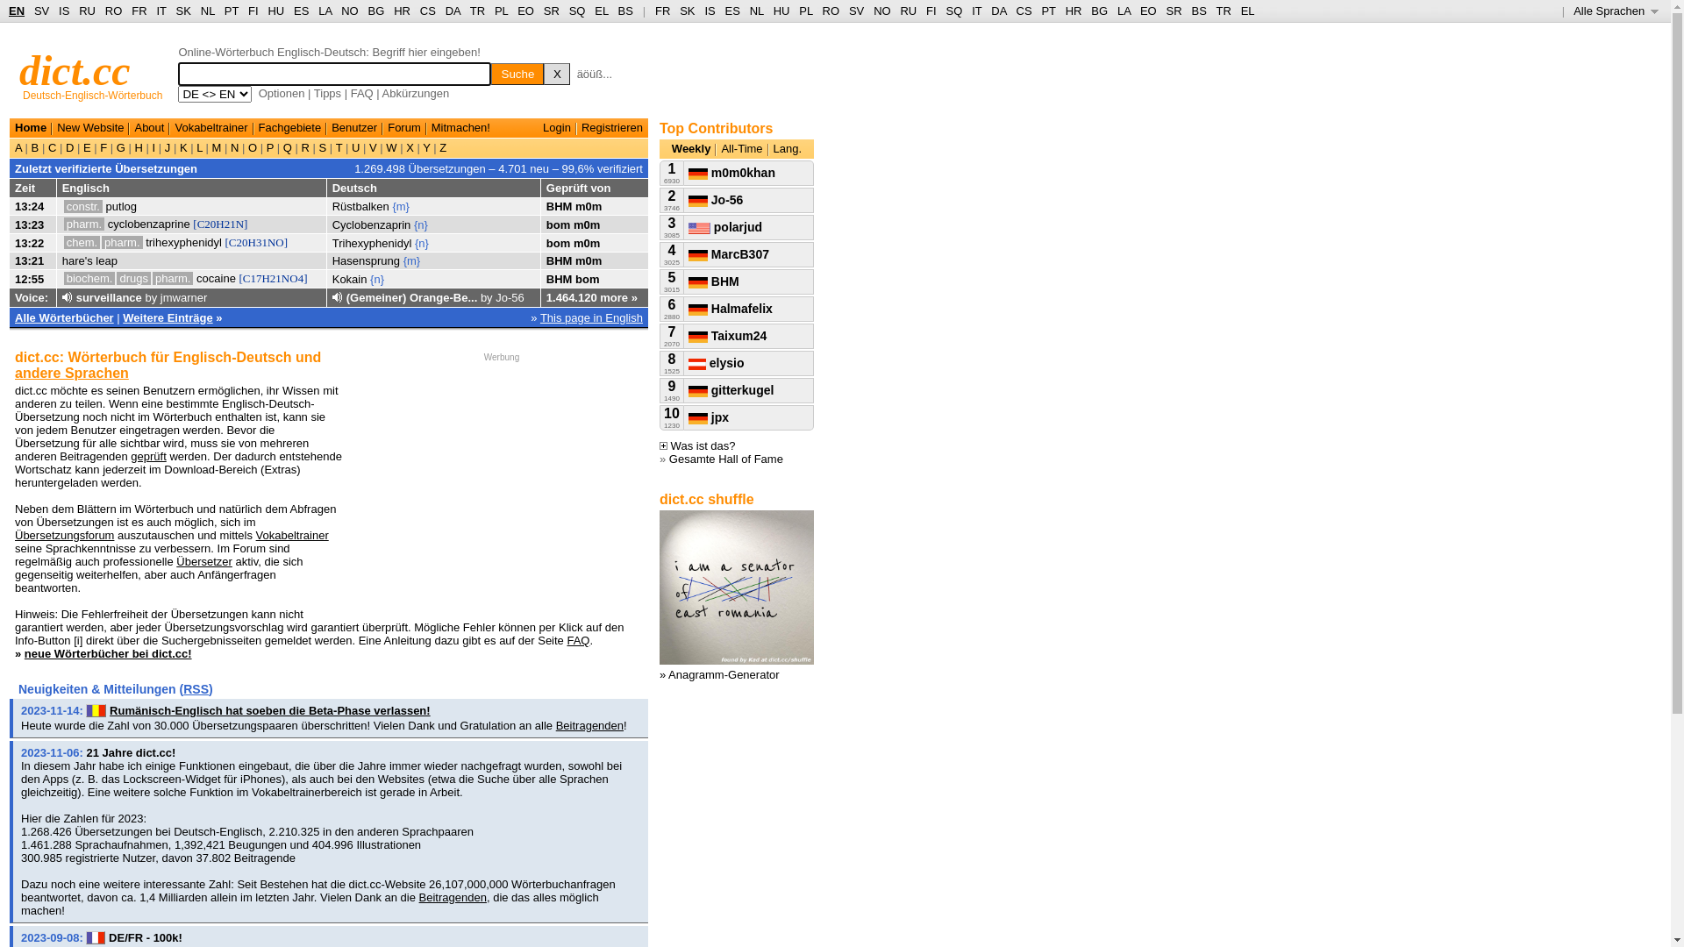 This screenshot has height=947, width=1684. Describe the element at coordinates (542, 126) in the screenshot. I see `'Login'` at that location.